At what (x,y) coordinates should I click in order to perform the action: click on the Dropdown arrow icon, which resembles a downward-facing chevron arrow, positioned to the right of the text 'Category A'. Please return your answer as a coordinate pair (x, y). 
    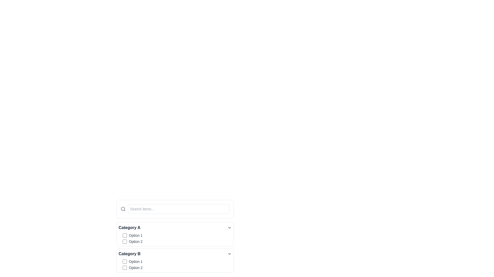
    Looking at the image, I should click on (229, 227).